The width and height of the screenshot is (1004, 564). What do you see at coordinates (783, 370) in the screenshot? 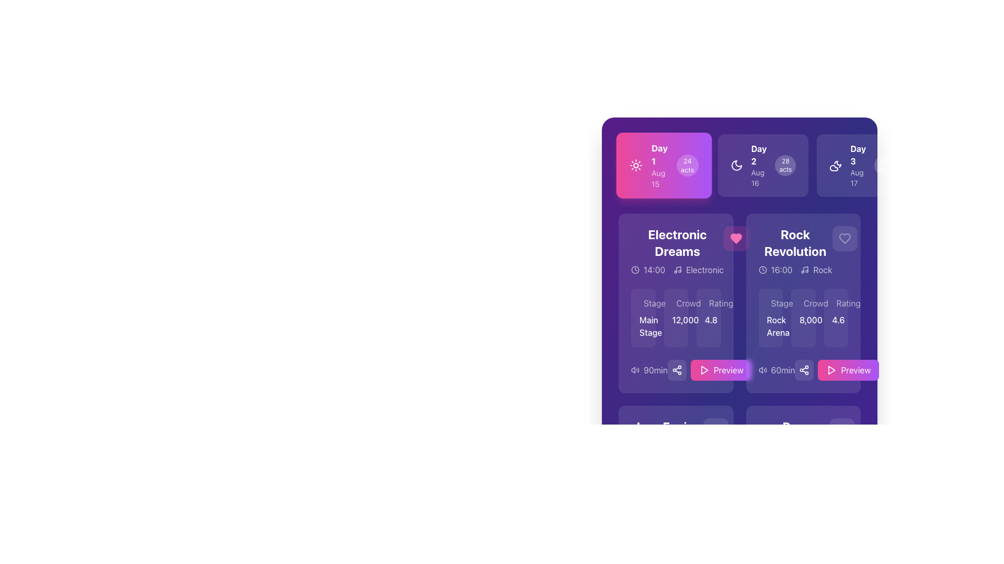
I see `the static text label displaying '60min' within the 'Rock Revolution' card under the 'Duration' section, which is styled in white color with slight transparency` at bounding box center [783, 370].